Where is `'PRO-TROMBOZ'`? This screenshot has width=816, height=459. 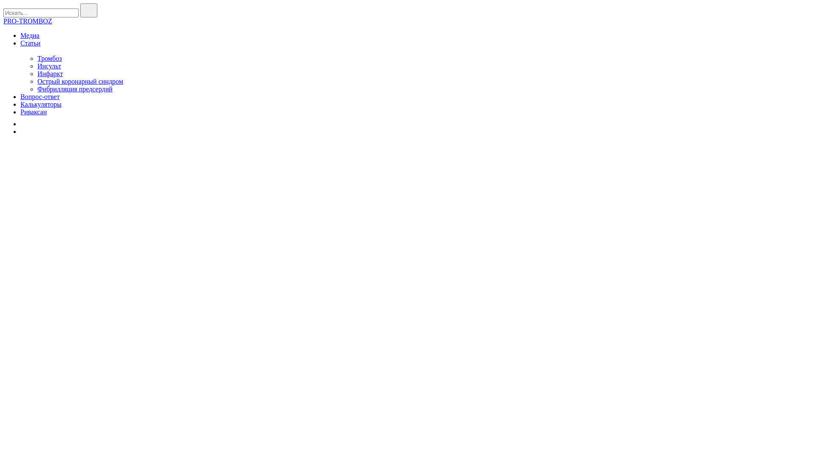 'PRO-TROMBOZ' is located at coordinates (3, 20).